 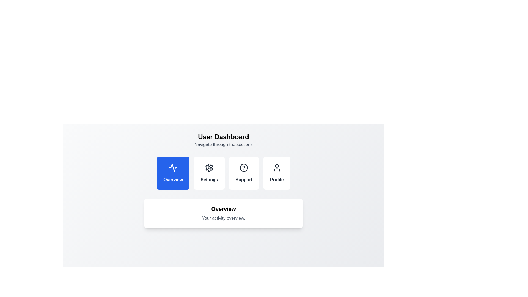 I want to click on the Text Card titled 'Overview' that contains the description 'Your activity overview', located in the User Dashboard section, so click(x=223, y=213).